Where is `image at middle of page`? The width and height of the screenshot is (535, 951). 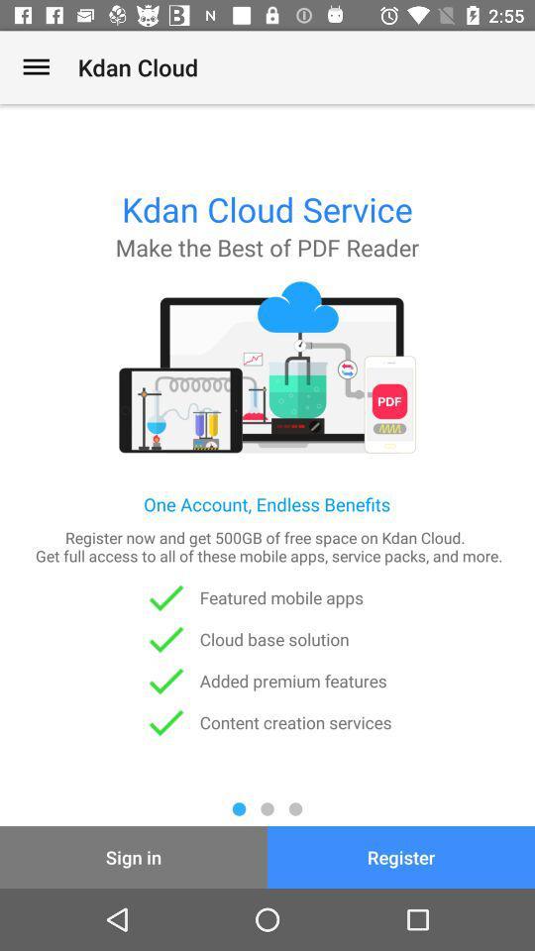 image at middle of page is located at coordinates (267, 367).